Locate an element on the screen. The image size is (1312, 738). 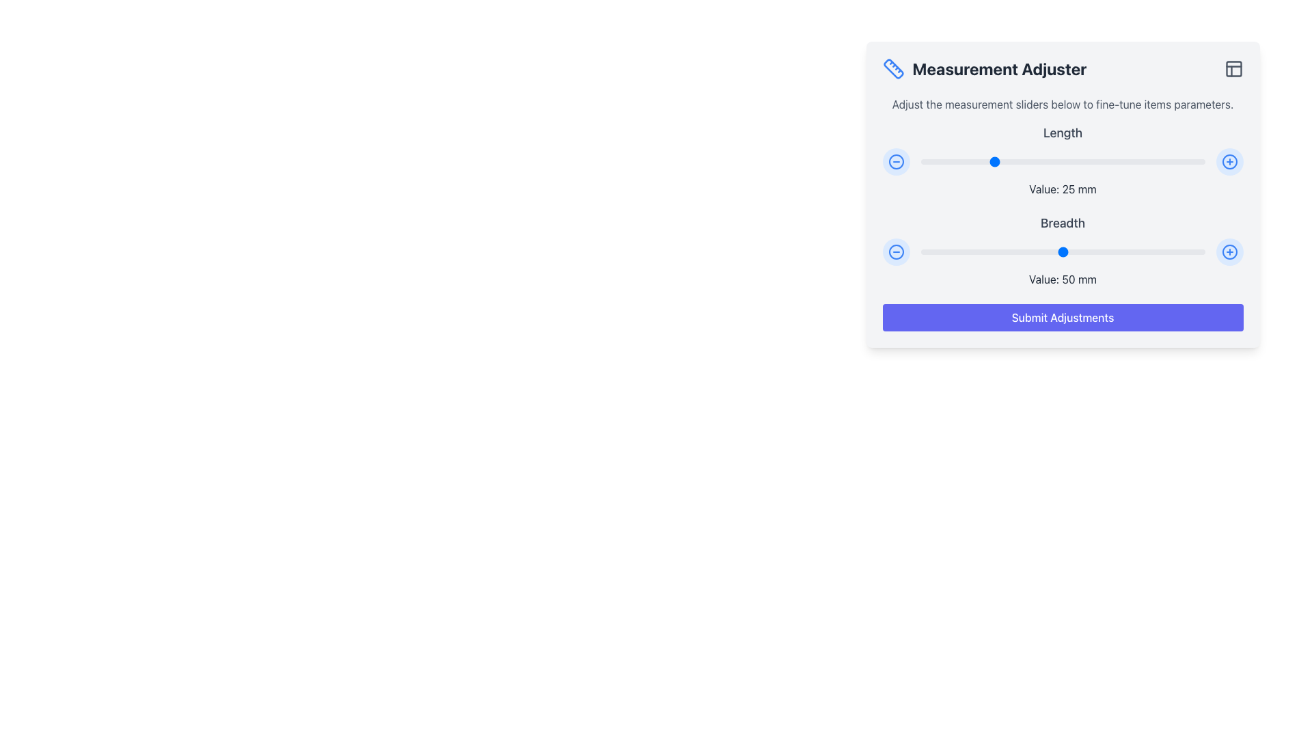
static text displaying 'Adjust the measurement sliders below to fine-tune items parameters.' located below the title 'Measurement Adjuster' in the application interface is located at coordinates (1062, 104).